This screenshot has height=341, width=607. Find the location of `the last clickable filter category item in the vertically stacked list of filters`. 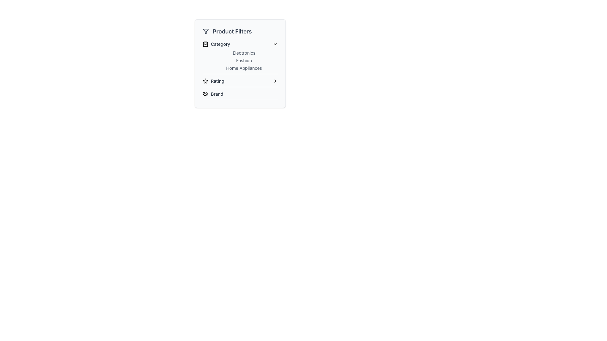

the last clickable filter category item in the vertically stacked list of filters is located at coordinates (240, 95).